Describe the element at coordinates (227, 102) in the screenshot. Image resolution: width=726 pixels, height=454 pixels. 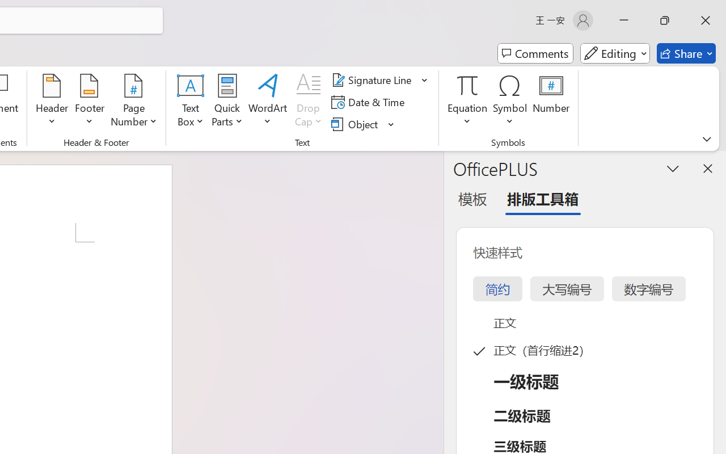
I see `'Quick Parts'` at that location.